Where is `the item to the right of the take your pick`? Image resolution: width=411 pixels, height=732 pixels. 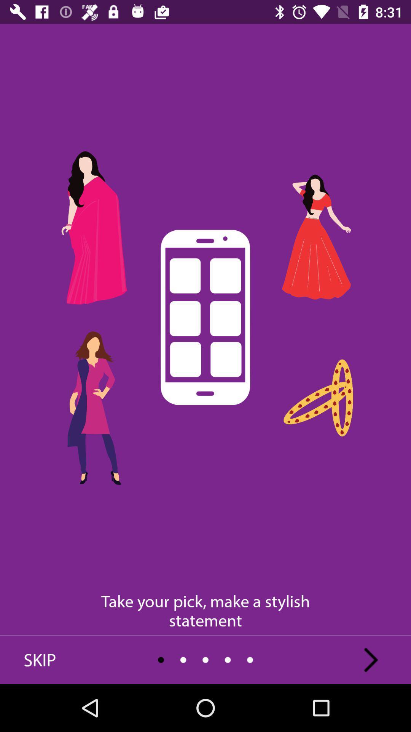
the item to the right of the take your pick is located at coordinates (371, 660).